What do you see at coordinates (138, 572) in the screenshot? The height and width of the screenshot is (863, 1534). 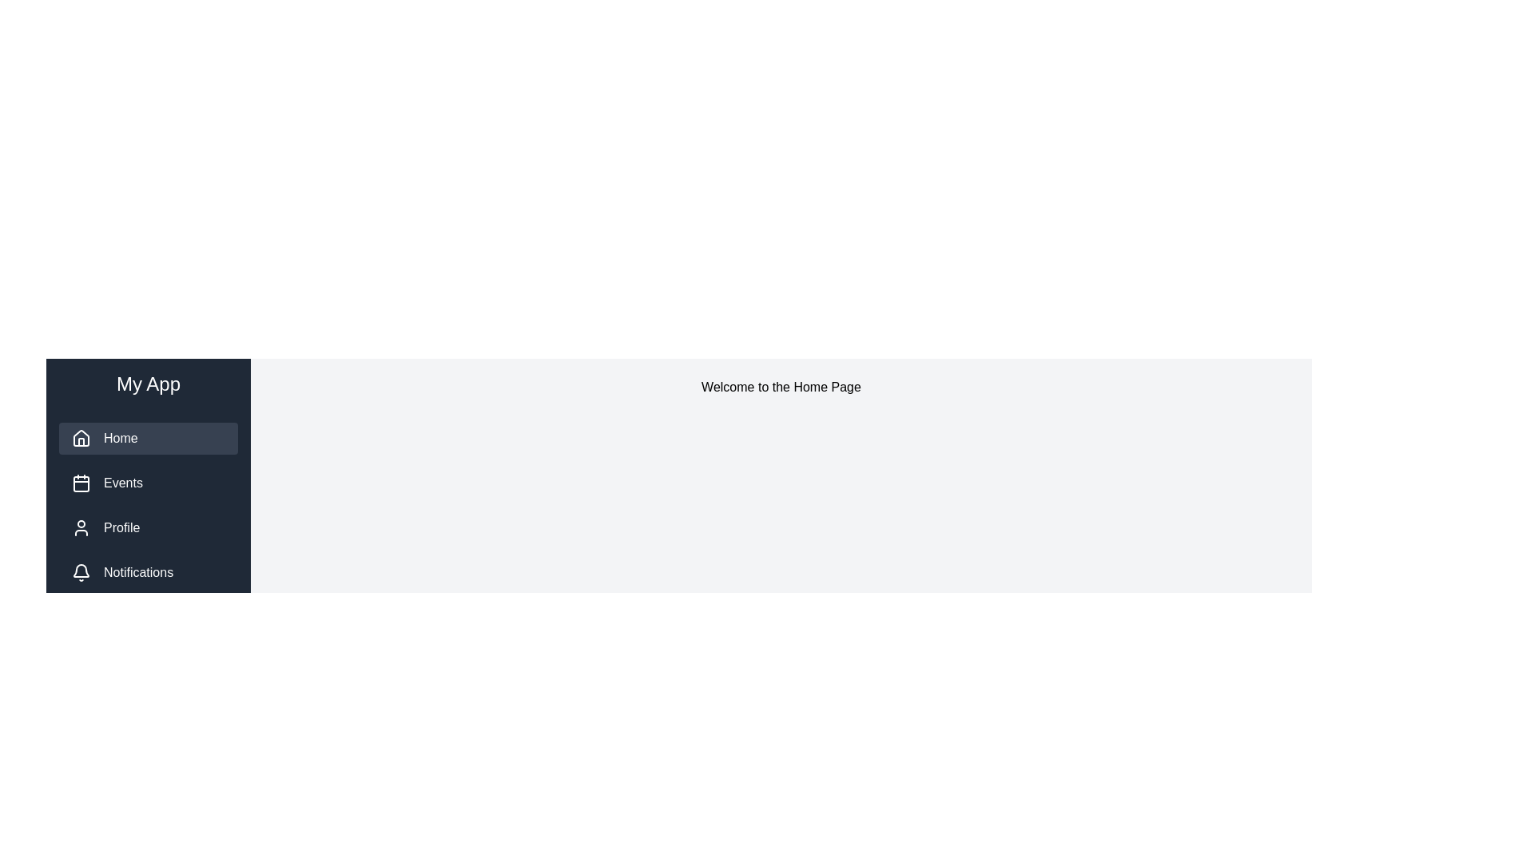 I see `the 'Notifications' text label in the side navigation menu, which is styled with white text on a dark background and is located at the bottom of the vertical navigation bar` at bounding box center [138, 572].